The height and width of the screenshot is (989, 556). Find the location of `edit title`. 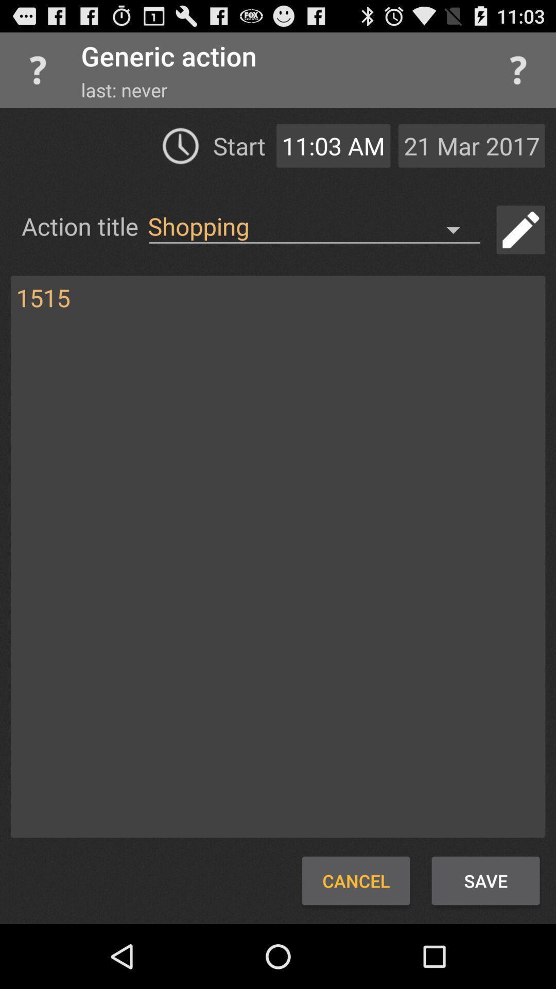

edit title is located at coordinates (520, 229).